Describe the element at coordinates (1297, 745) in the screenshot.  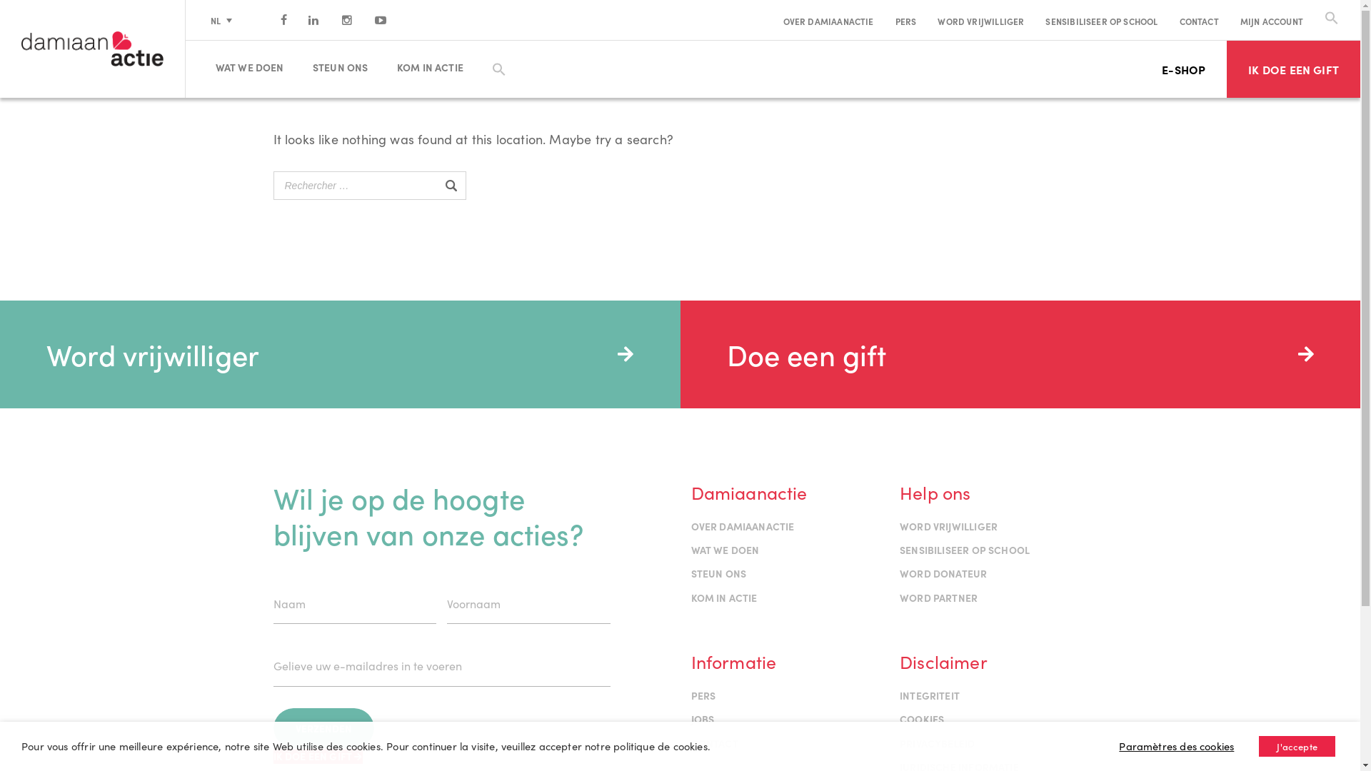
I see `'J'accepte'` at that location.